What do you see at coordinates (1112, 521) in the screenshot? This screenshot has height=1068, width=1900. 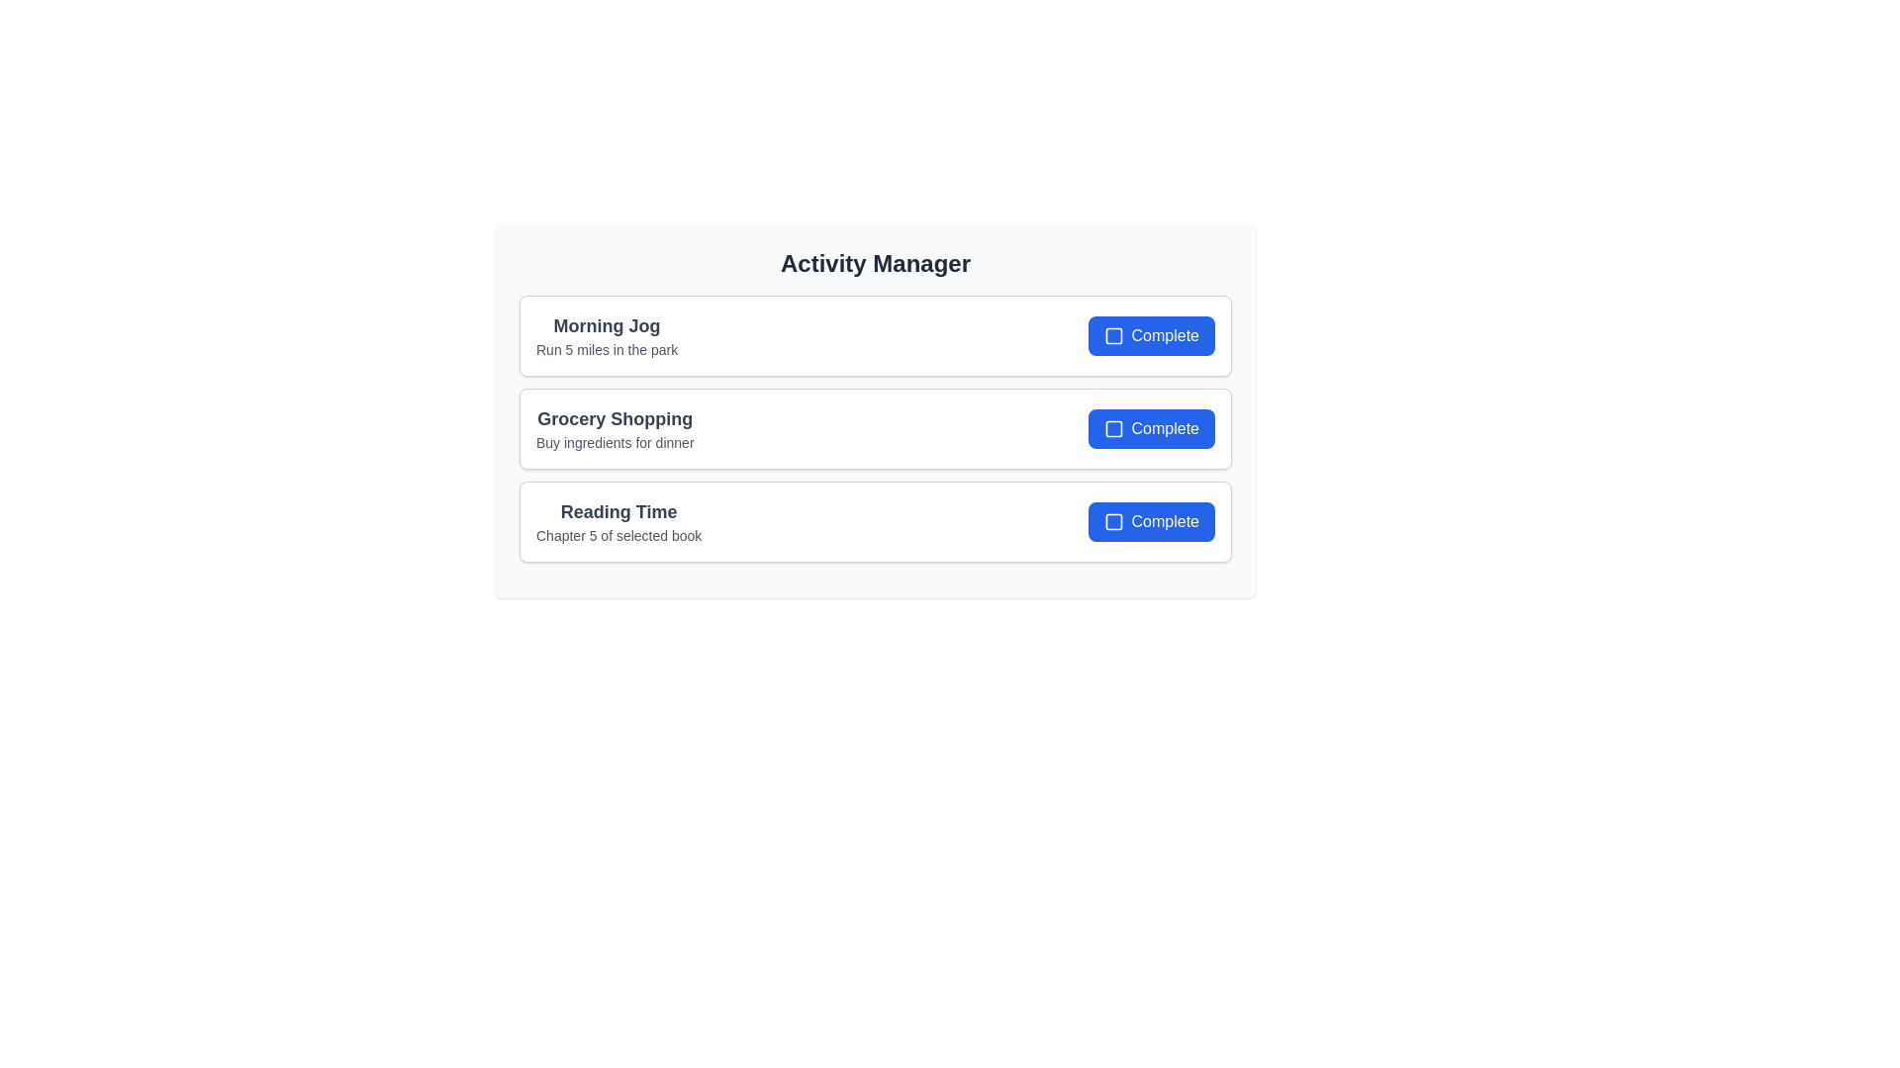 I see `the square icon with a hollow outline and rounded corners, located at the top-left corner of the 'Complete' button` at bounding box center [1112, 521].